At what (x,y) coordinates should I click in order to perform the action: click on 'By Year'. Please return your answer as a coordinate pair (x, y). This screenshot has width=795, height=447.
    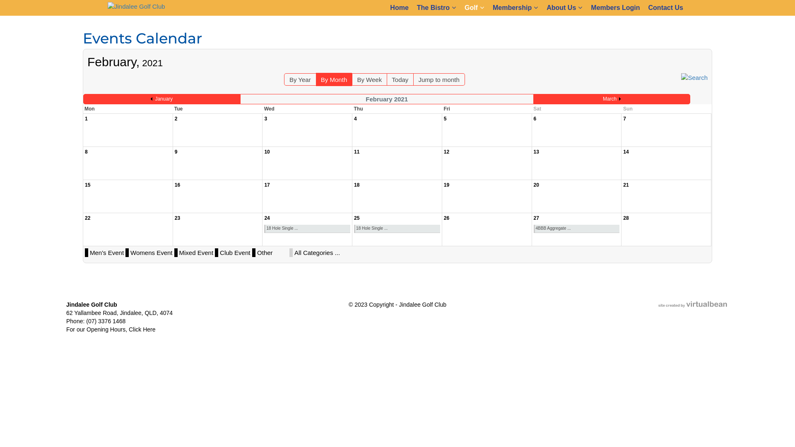
    Looking at the image, I should click on (299, 79).